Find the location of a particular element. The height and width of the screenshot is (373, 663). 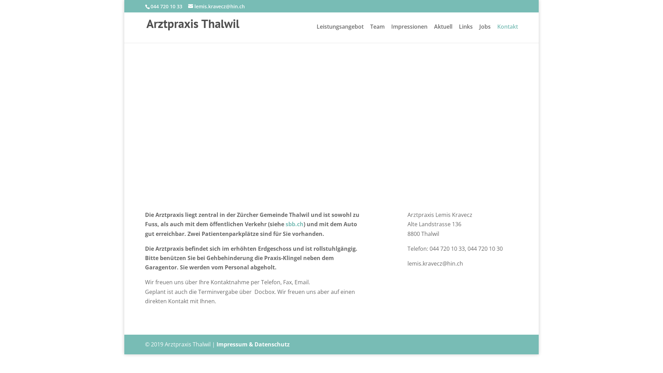

'Aktuell' is located at coordinates (434, 33).